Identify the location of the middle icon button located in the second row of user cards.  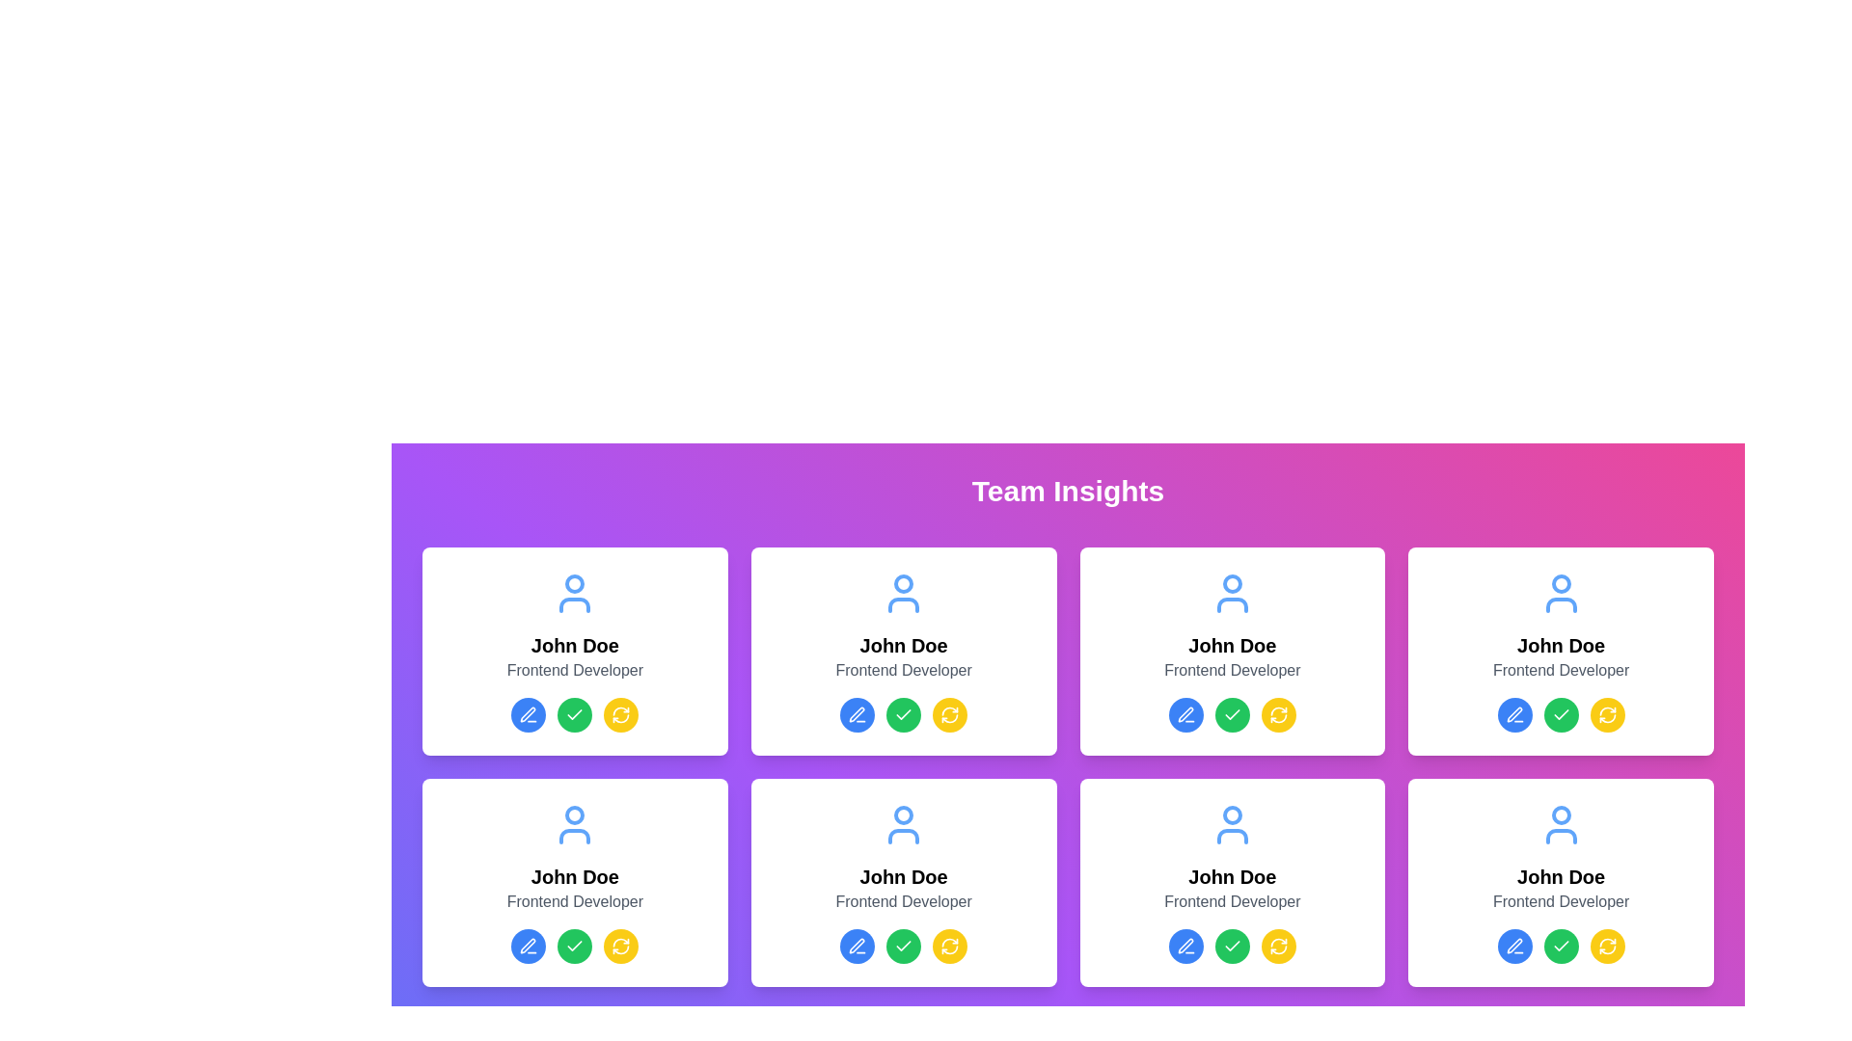
(1561, 714).